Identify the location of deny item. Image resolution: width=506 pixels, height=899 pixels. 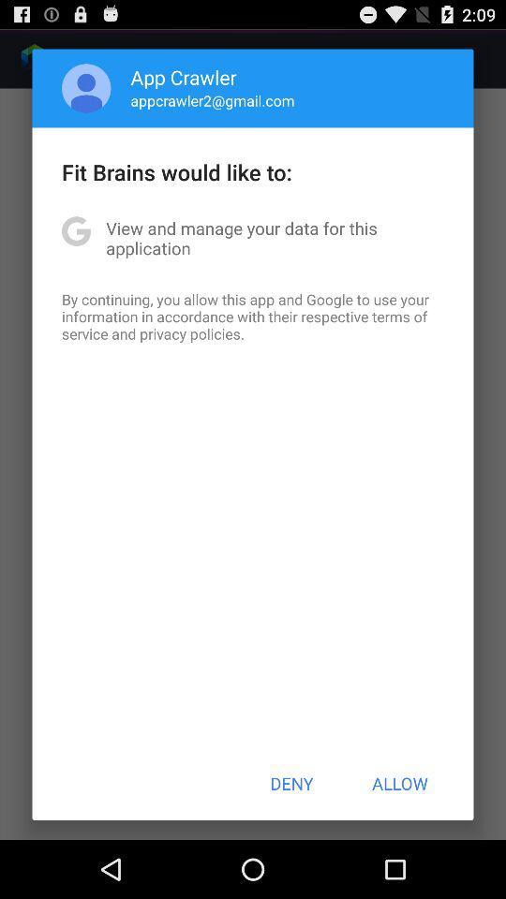
(291, 783).